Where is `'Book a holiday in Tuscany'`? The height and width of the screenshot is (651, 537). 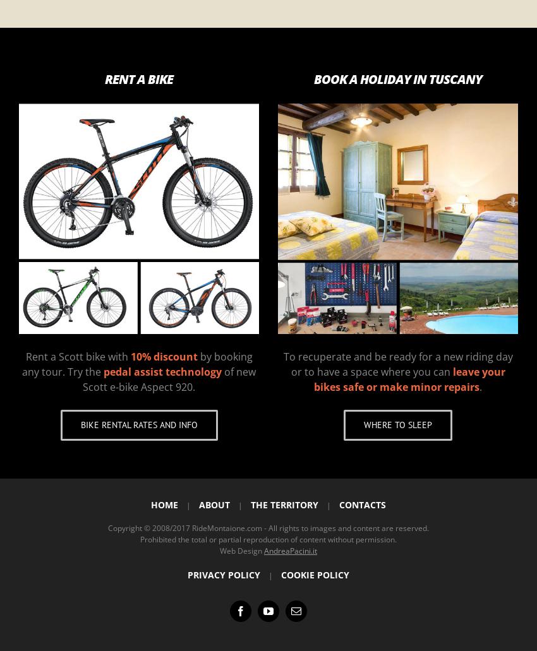 'Book a holiday in Tuscany' is located at coordinates (397, 78).